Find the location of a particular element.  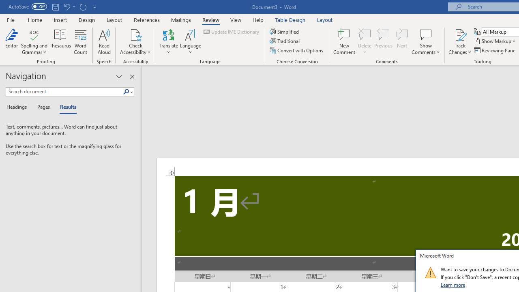

'Spelling and Grammar' is located at coordinates (34, 34).